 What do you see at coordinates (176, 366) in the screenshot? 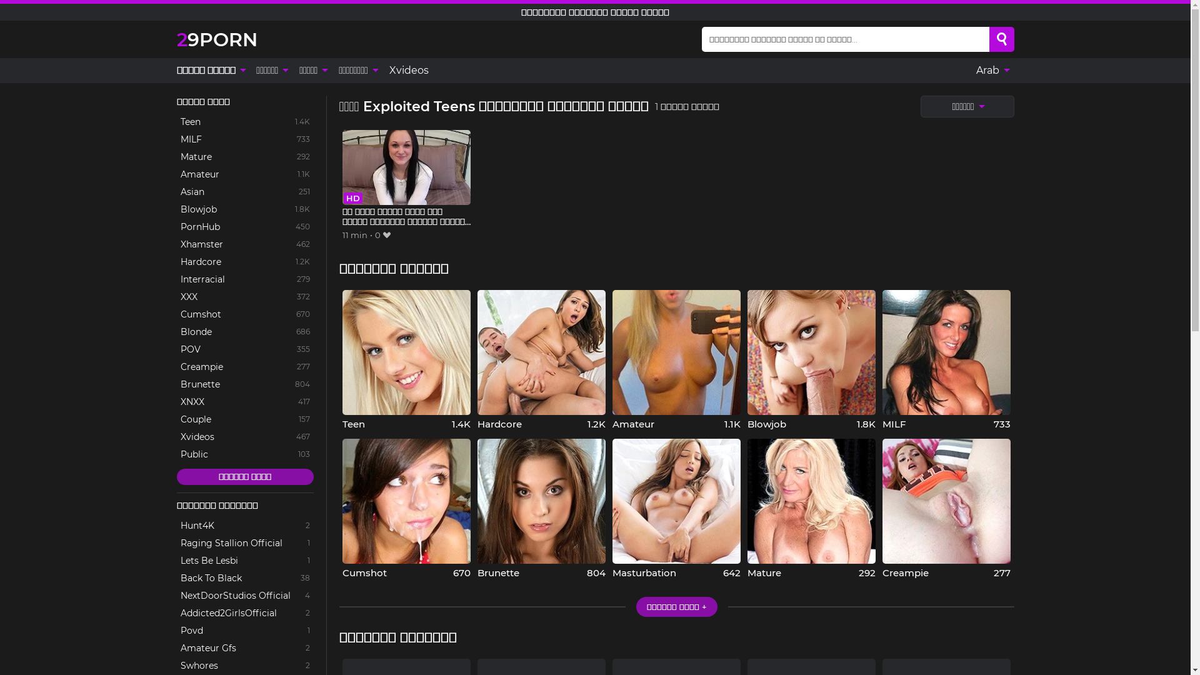
I see `'Creampie'` at bounding box center [176, 366].